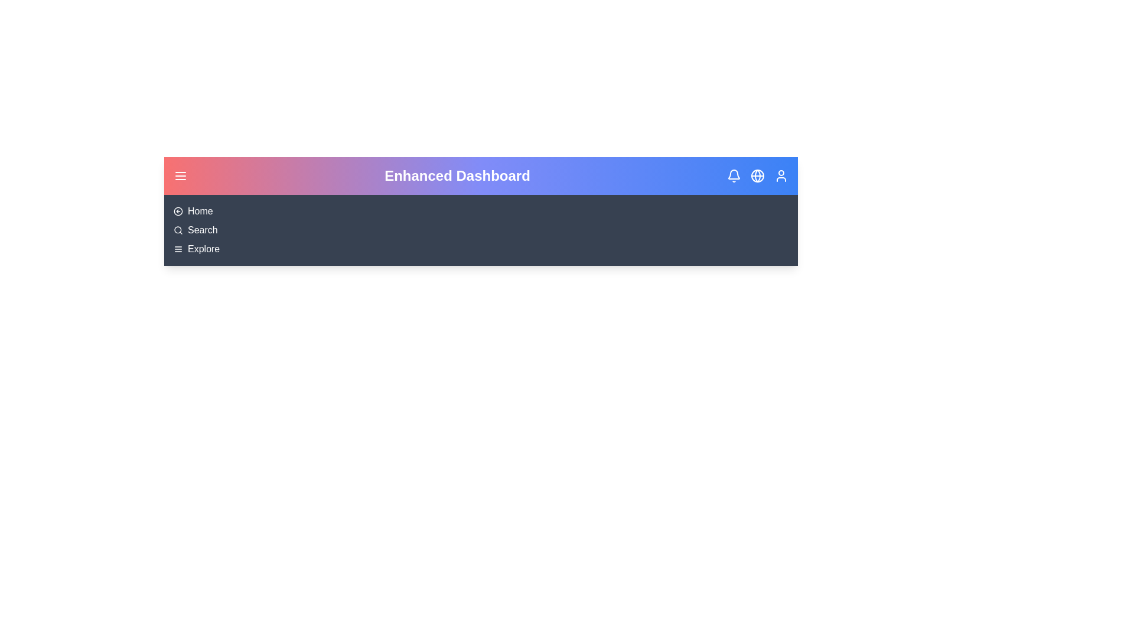  I want to click on the search element, so click(202, 230).